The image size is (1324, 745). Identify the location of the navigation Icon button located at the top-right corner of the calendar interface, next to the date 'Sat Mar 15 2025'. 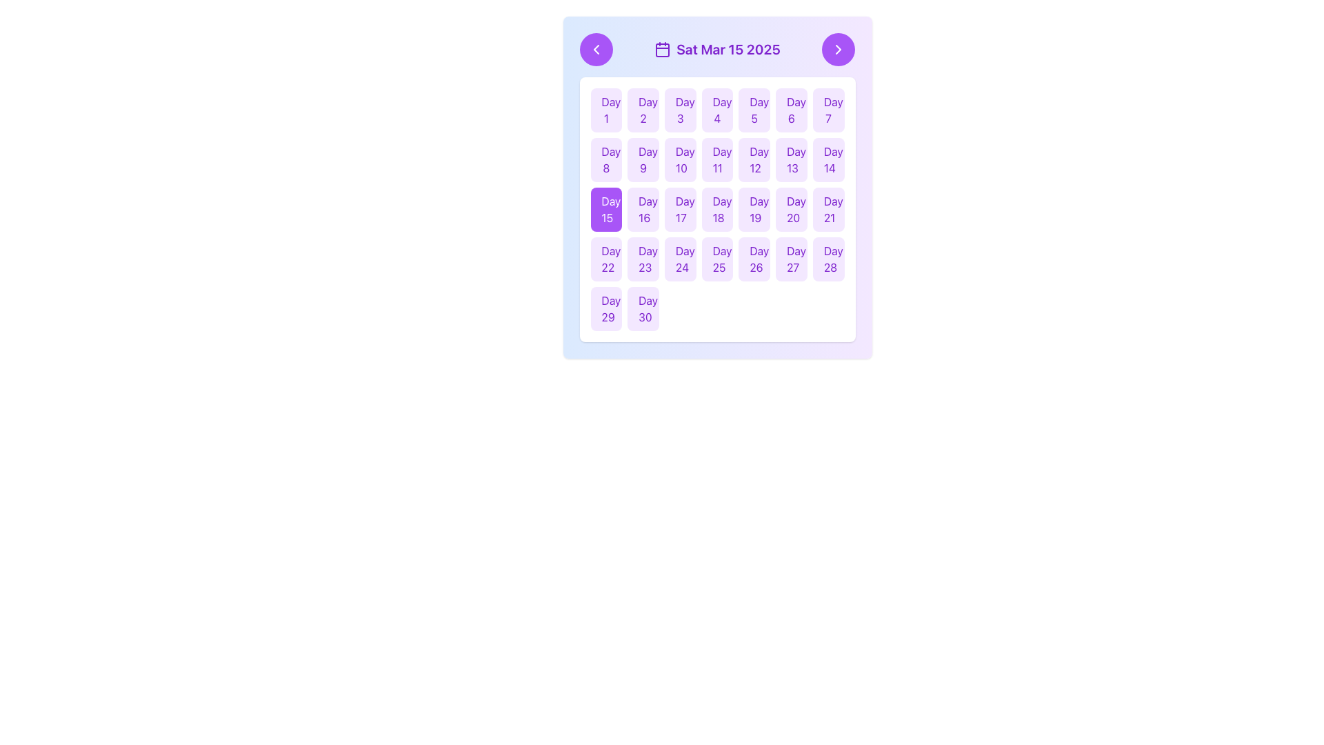
(838, 49).